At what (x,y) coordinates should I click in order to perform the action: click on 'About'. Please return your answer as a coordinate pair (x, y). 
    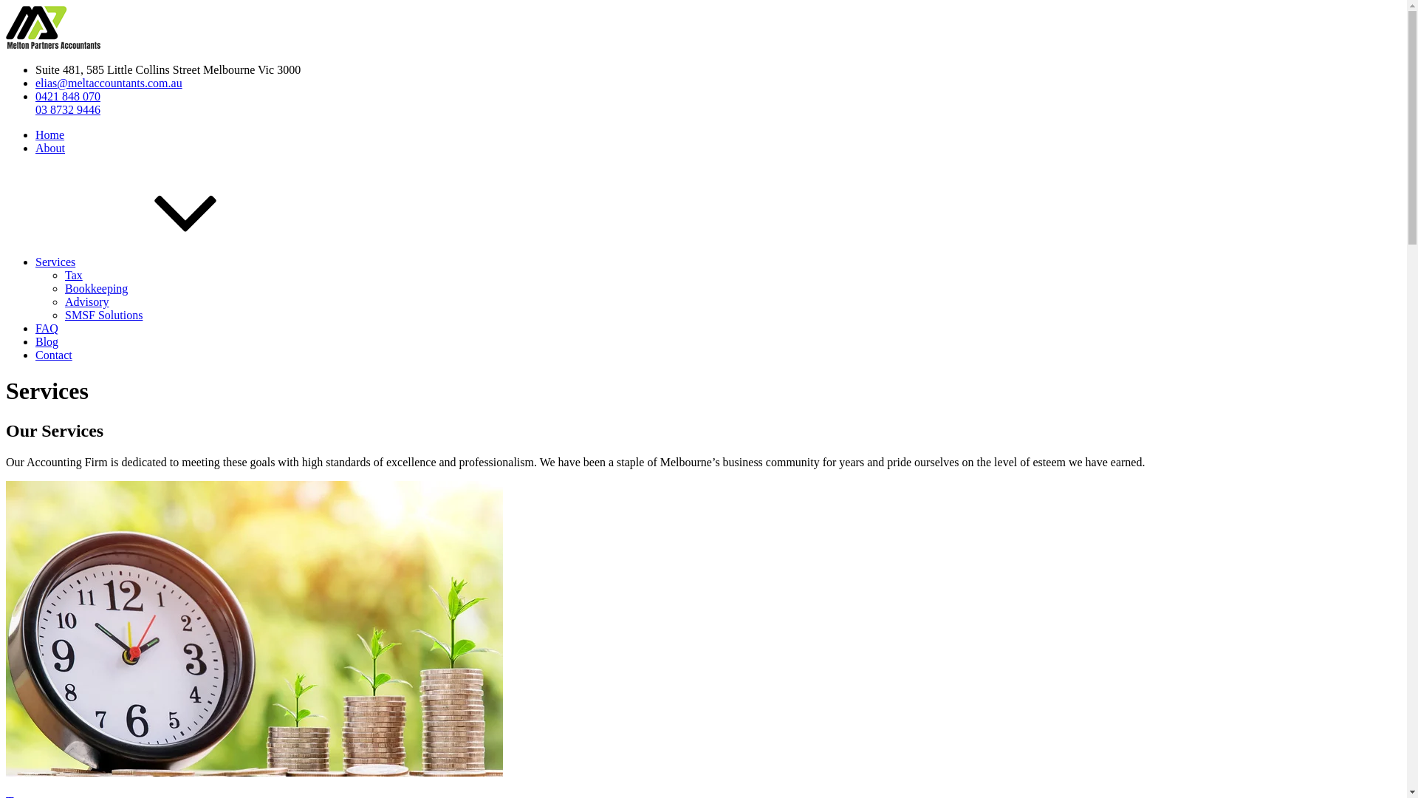
    Looking at the image, I should click on (49, 148).